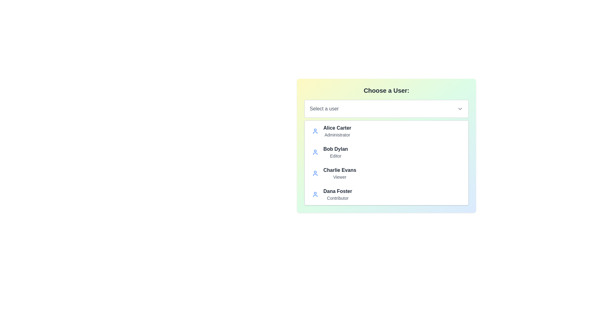 The height and width of the screenshot is (335, 597). I want to click on the text label reading 'Alice Carter' in the dropdown list of users titled 'Choose a User', so click(337, 127).